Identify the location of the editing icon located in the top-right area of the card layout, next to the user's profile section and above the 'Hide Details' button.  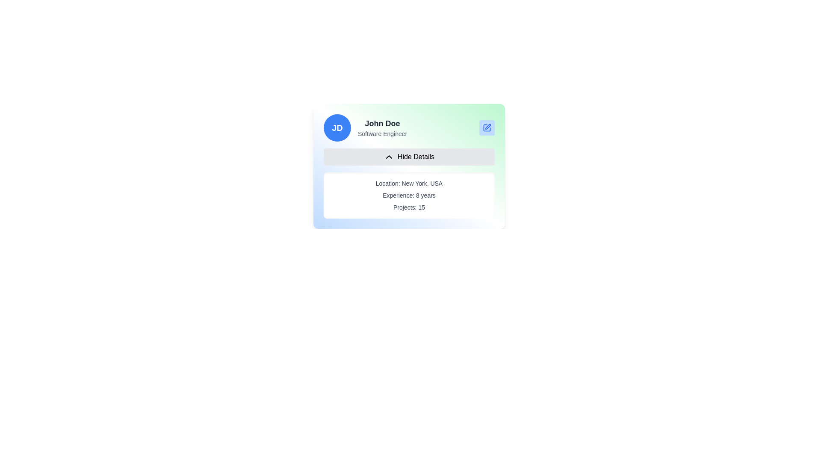
(488, 127).